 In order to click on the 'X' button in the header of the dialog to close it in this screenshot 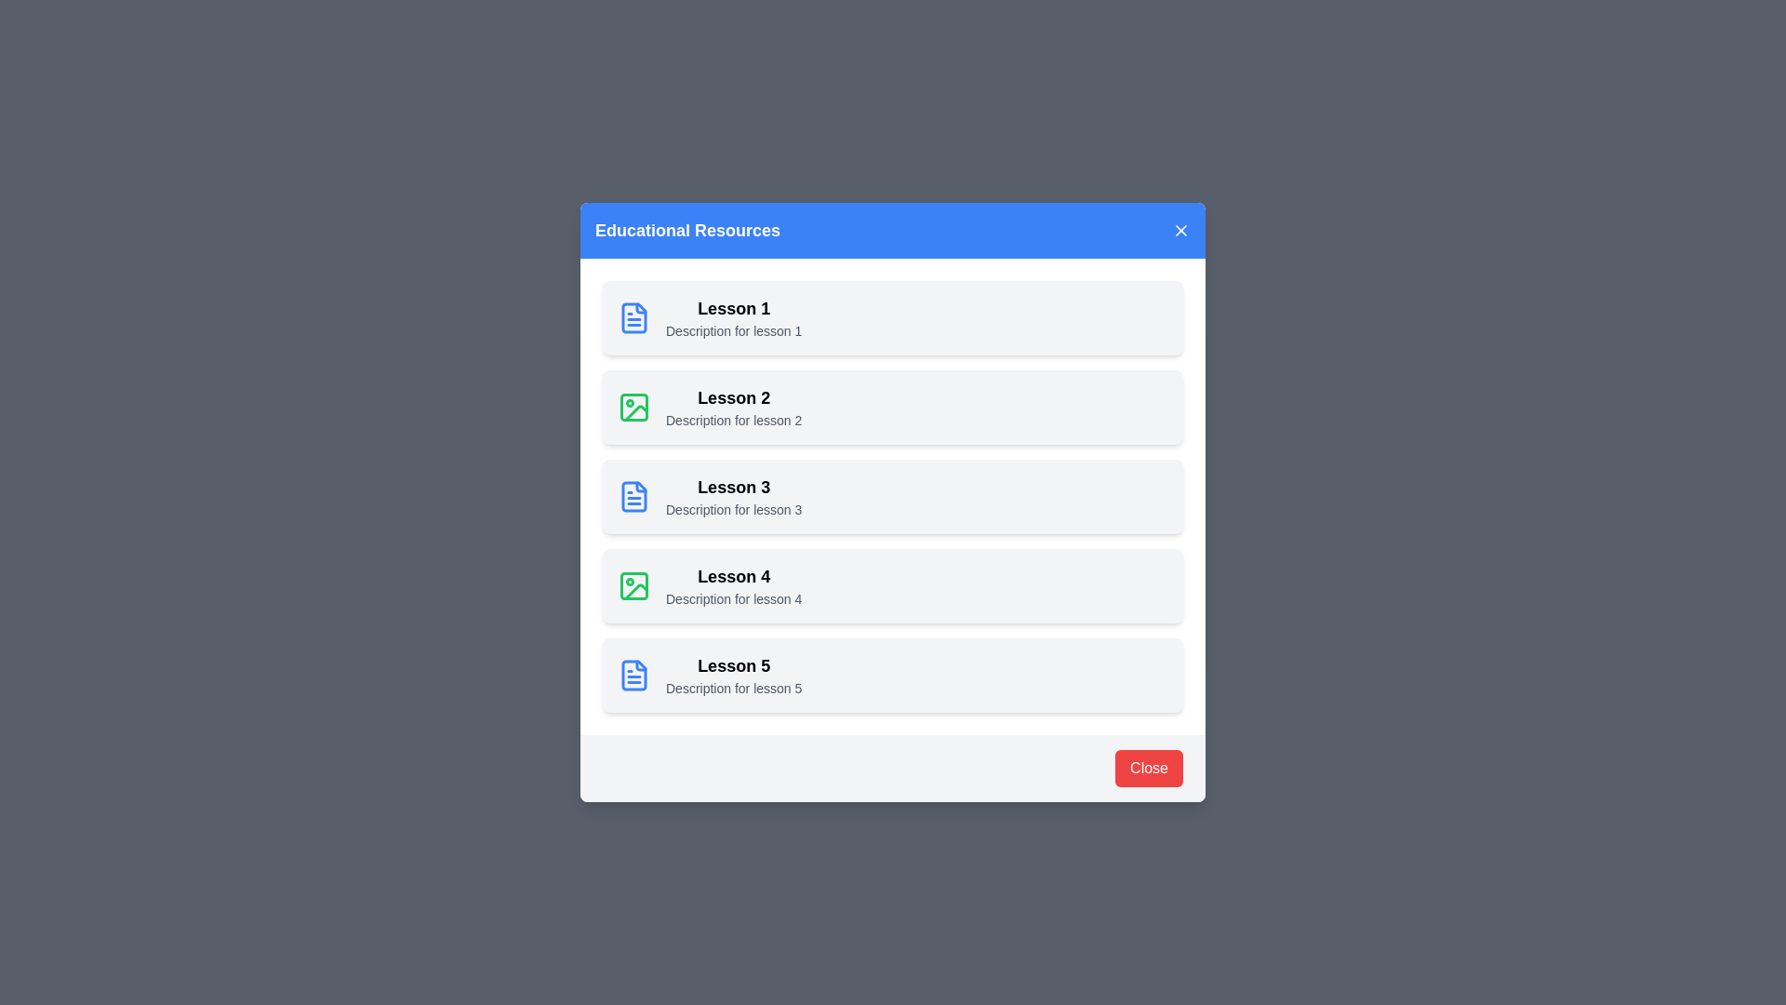, I will do `click(1180, 229)`.